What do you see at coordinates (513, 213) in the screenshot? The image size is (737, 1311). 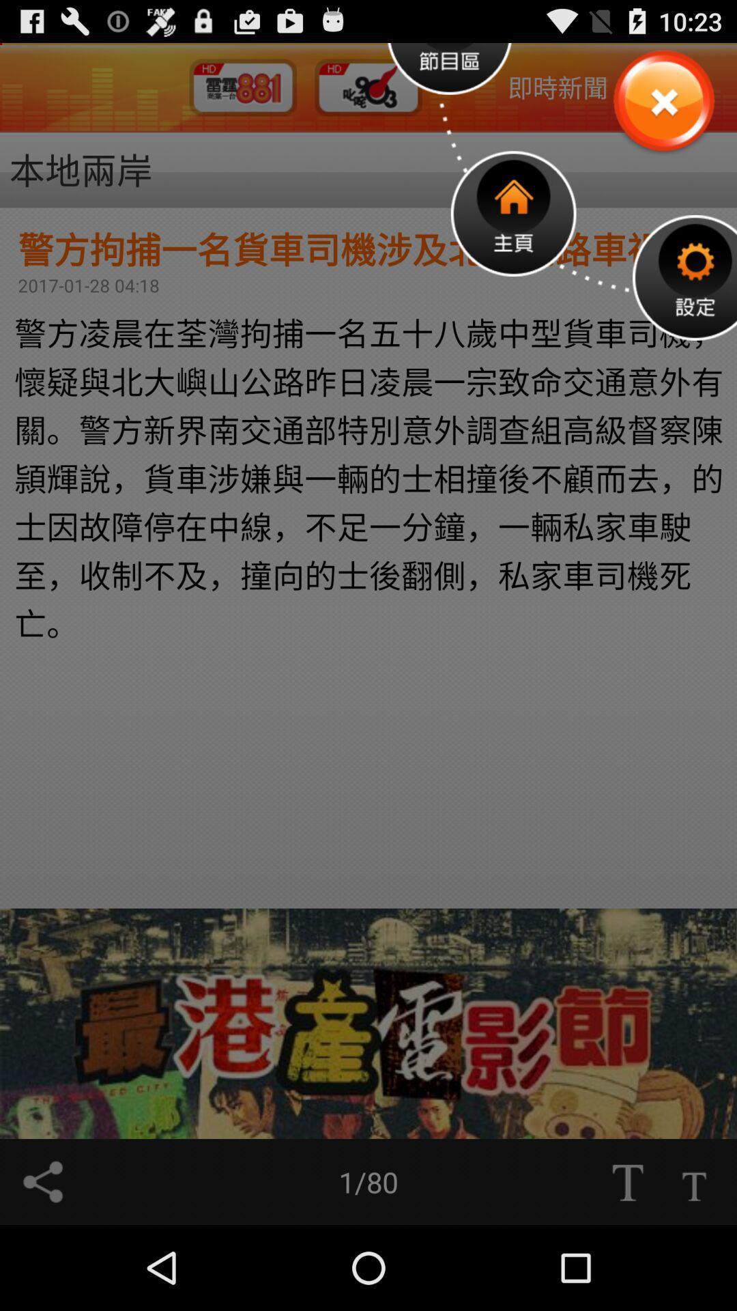 I see `the home button` at bounding box center [513, 213].